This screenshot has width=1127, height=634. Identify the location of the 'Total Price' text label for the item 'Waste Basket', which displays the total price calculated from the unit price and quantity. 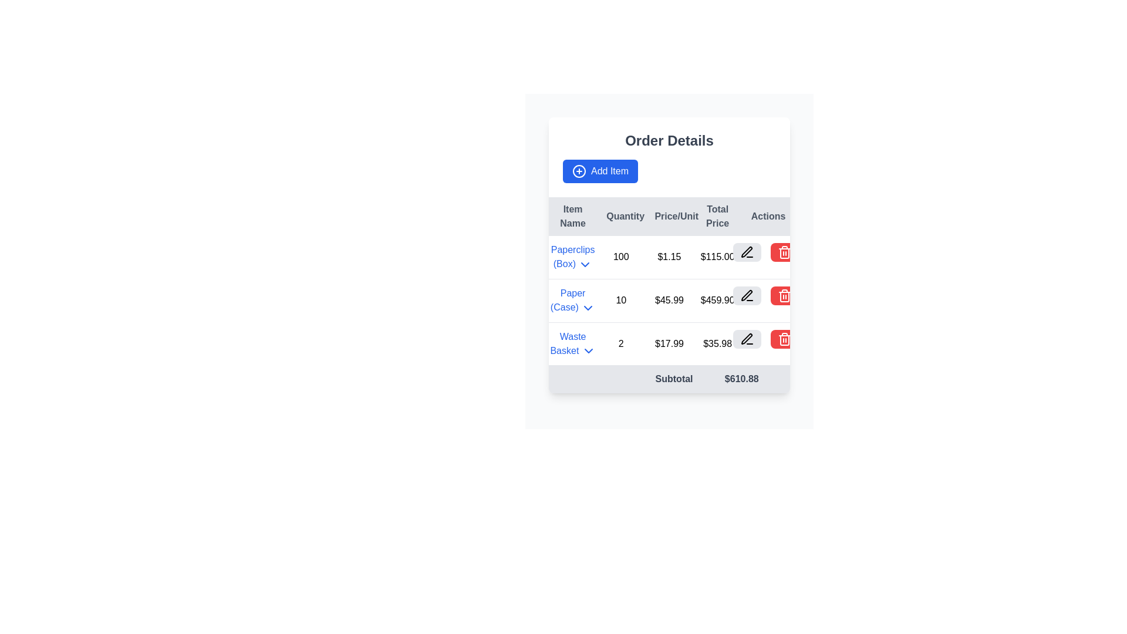
(717, 343).